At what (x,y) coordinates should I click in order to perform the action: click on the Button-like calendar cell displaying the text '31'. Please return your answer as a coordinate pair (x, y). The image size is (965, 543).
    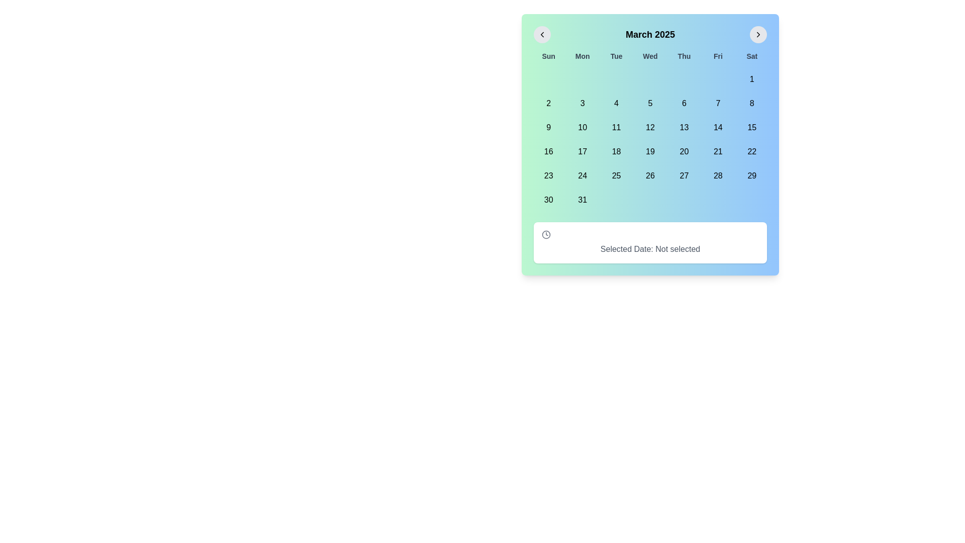
    Looking at the image, I should click on (583, 200).